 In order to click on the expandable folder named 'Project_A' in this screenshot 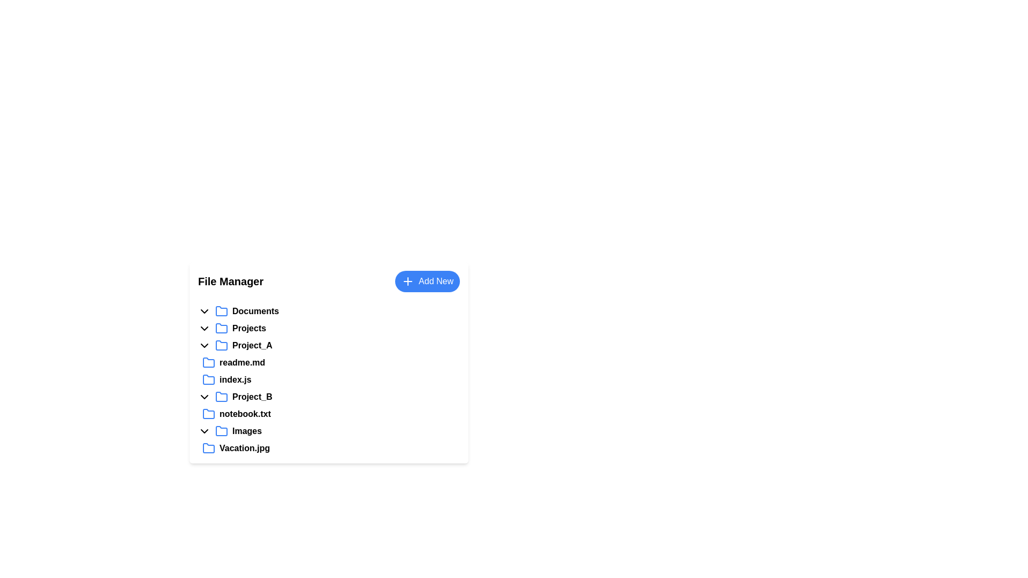, I will do `click(328, 345)`.